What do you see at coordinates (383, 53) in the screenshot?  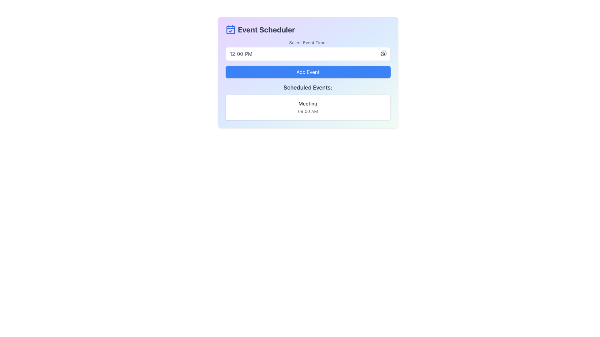 I see `the time selection icon located at the top-right corner of the input field to trigger a tooltip or visual change` at bounding box center [383, 53].